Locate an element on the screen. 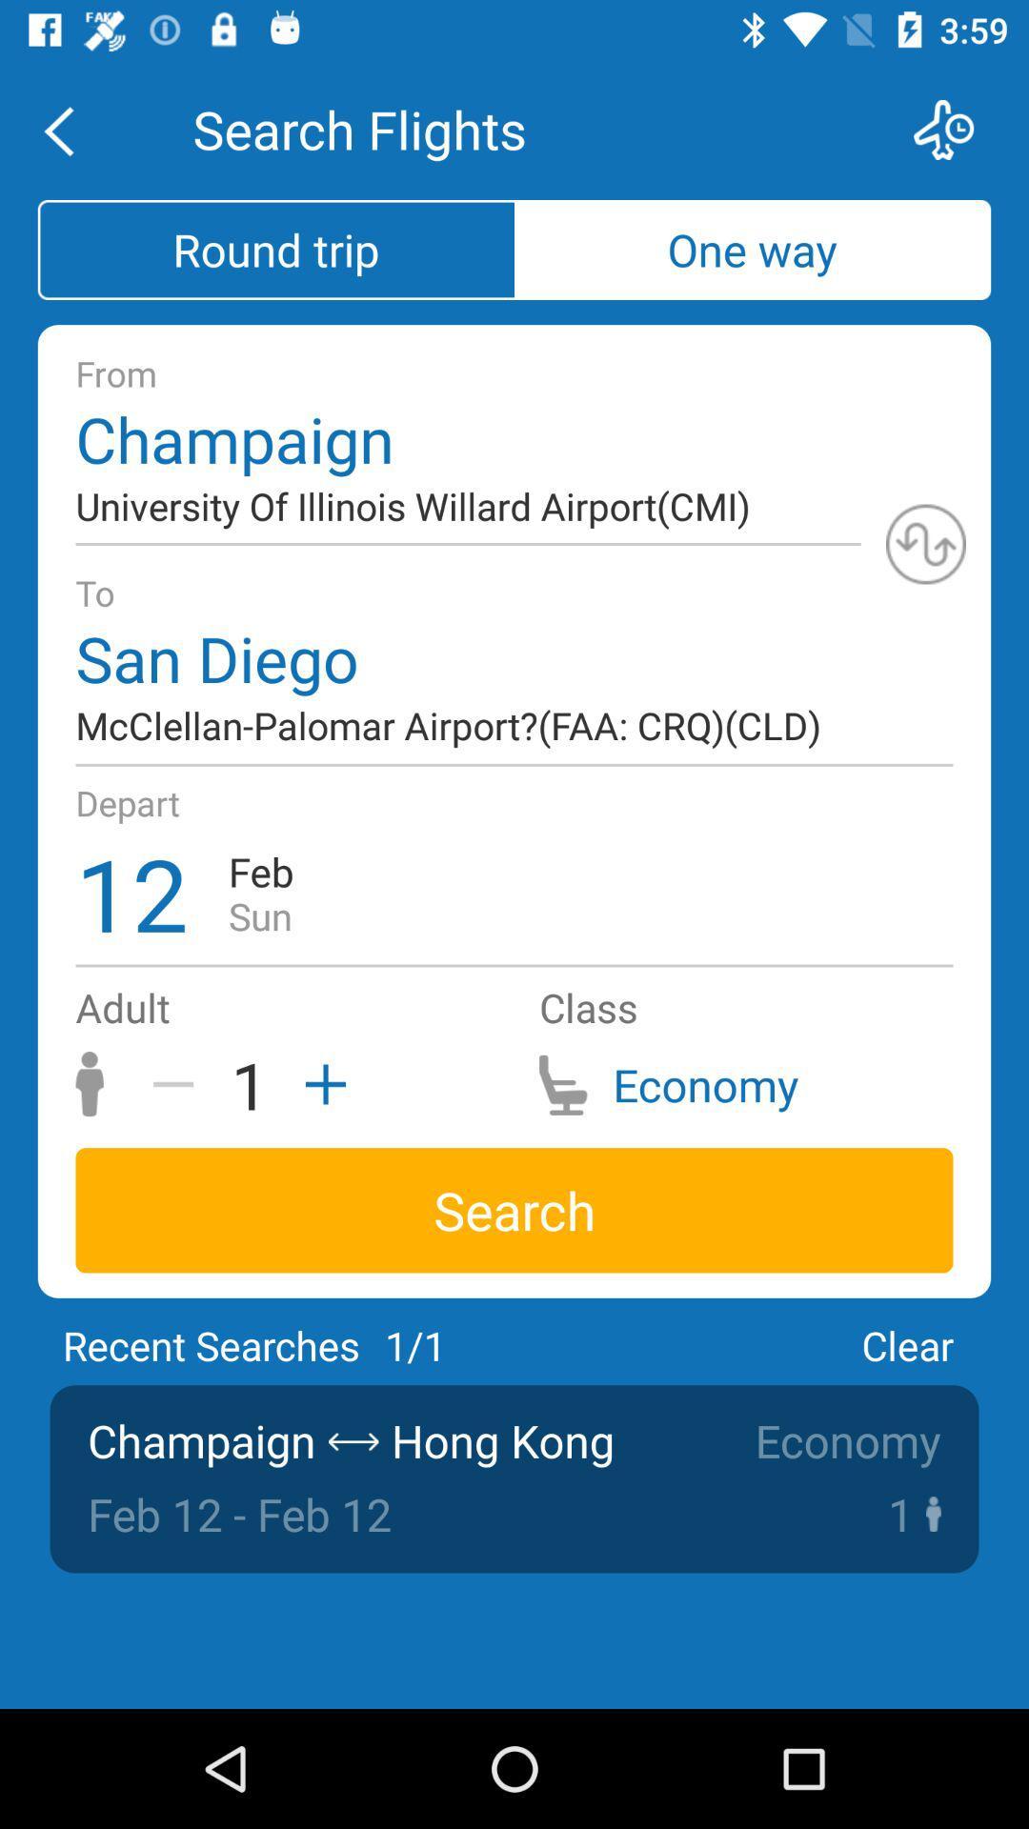  round trip item is located at coordinates (275, 249).